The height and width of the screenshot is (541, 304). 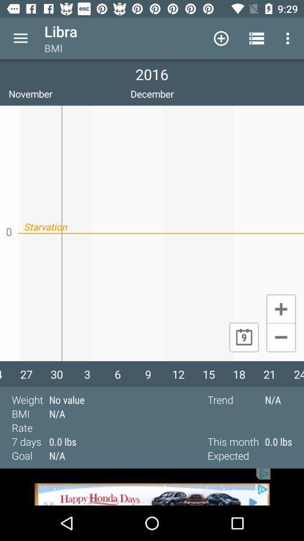 I want to click on reduce time line, so click(x=280, y=338).